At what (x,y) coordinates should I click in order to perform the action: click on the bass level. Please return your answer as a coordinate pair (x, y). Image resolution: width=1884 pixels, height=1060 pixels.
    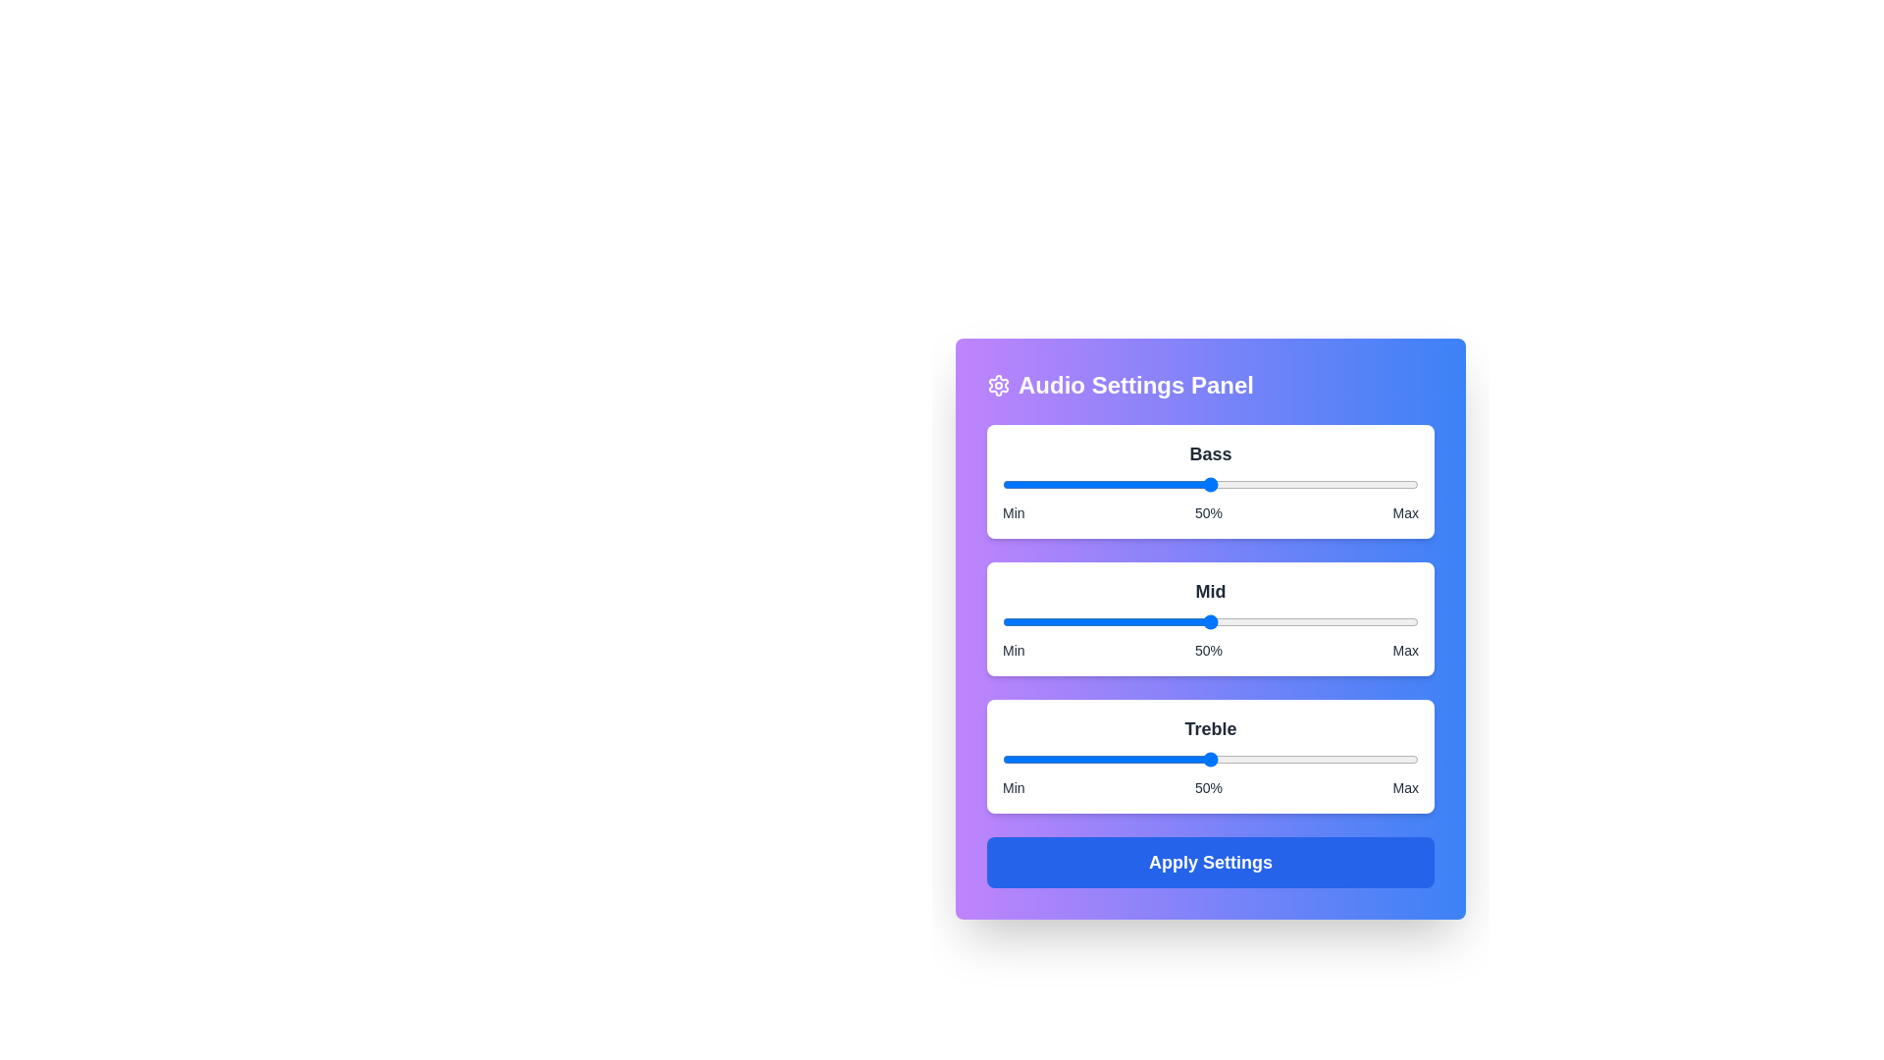
    Looking at the image, I should click on (1156, 484).